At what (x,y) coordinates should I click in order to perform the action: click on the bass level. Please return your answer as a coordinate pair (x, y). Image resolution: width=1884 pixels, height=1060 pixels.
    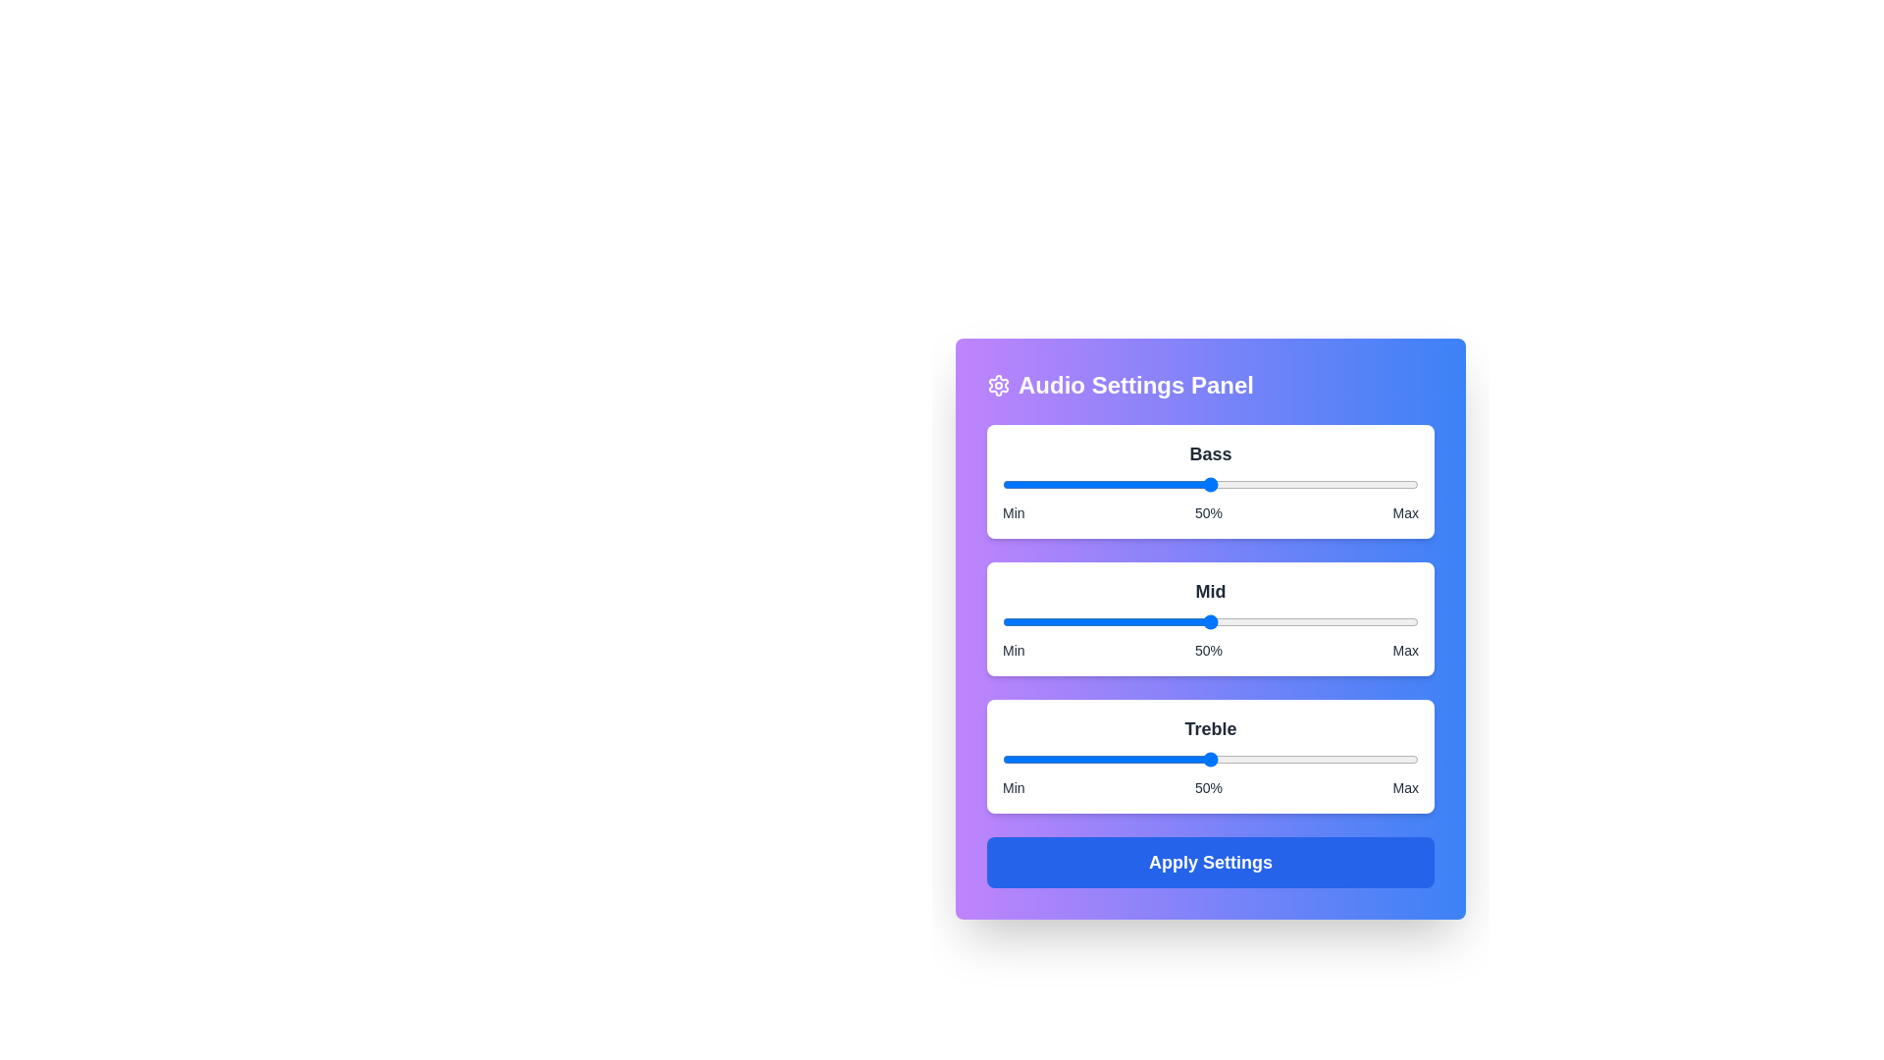
    Looking at the image, I should click on (1156, 484).